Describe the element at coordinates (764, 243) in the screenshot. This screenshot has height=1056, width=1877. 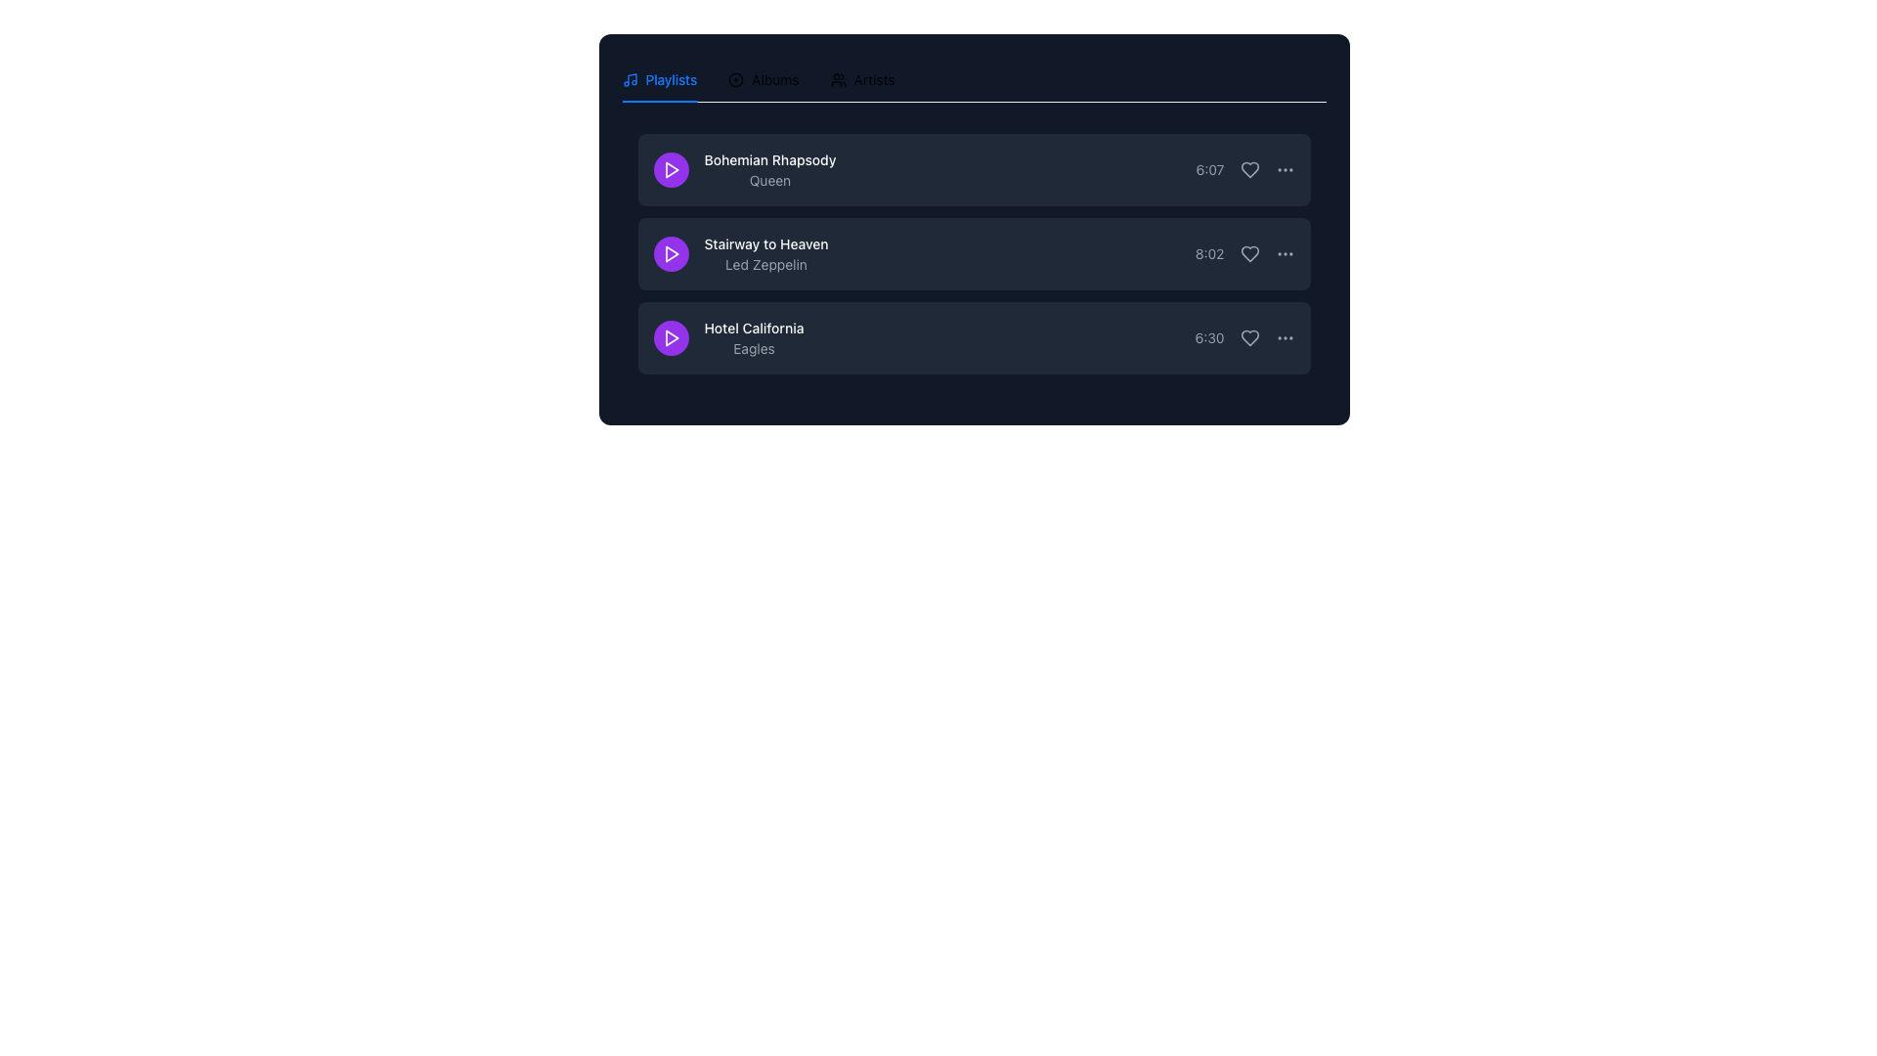
I see `text label displaying 'Stairway to Heaven', which is styled in white on a dark background and is located in the second row of the playlist interface, above 'Led Zeppelin'` at that location.